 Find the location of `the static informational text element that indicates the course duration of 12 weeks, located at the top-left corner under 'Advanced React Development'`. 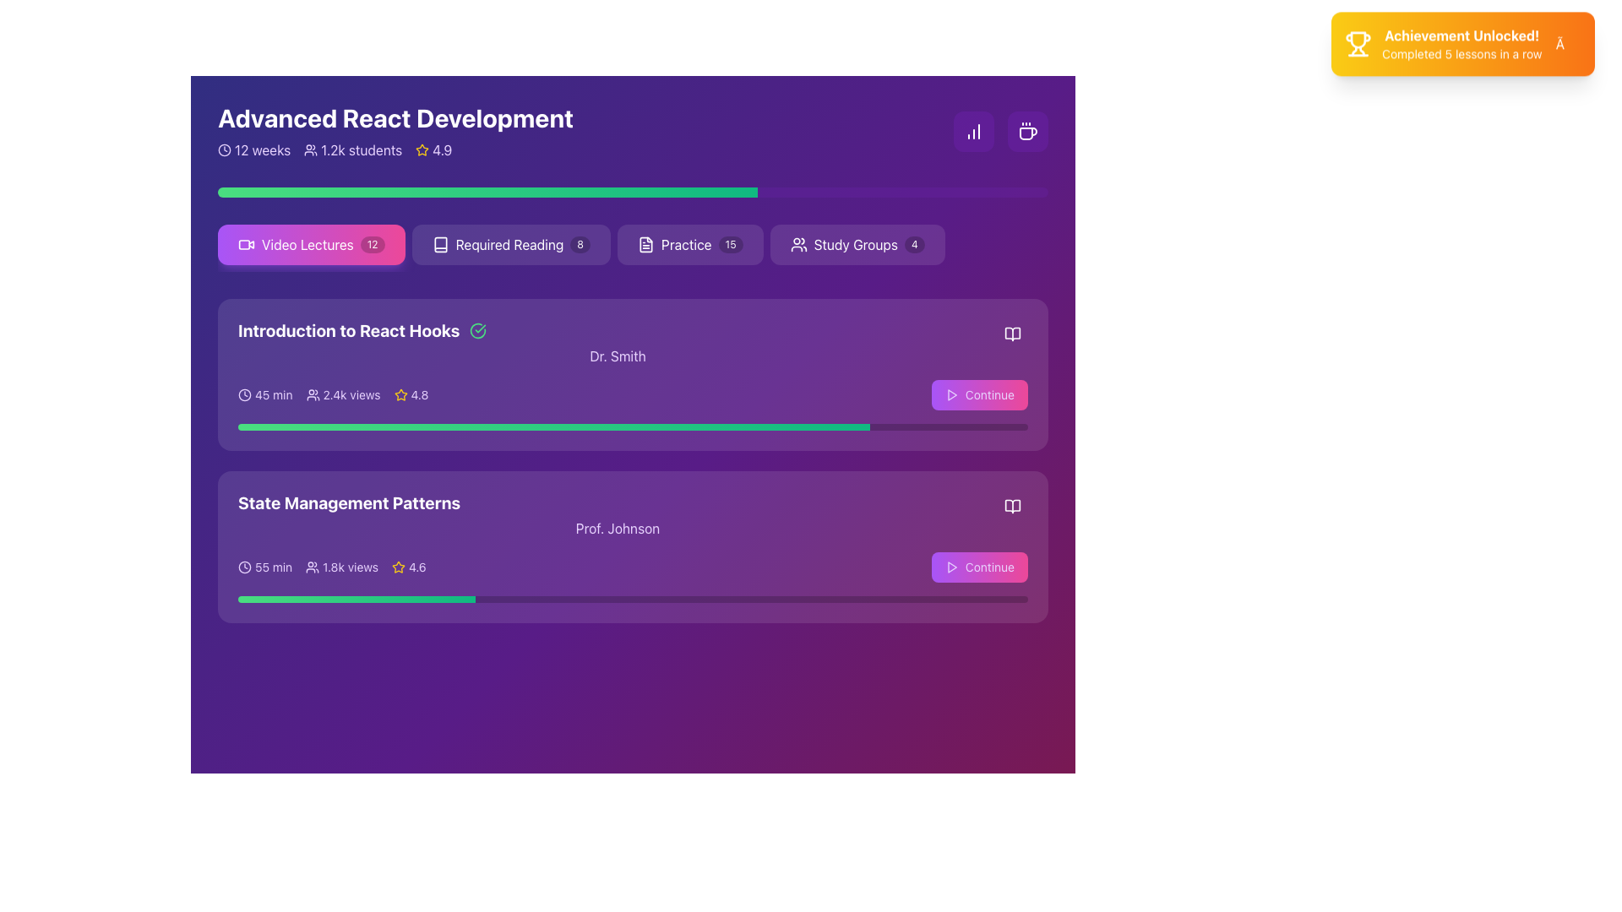

the static informational text element that indicates the course duration of 12 weeks, located at the top-left corner under 'Advanced React Development' is located at coordinates (253, 149).